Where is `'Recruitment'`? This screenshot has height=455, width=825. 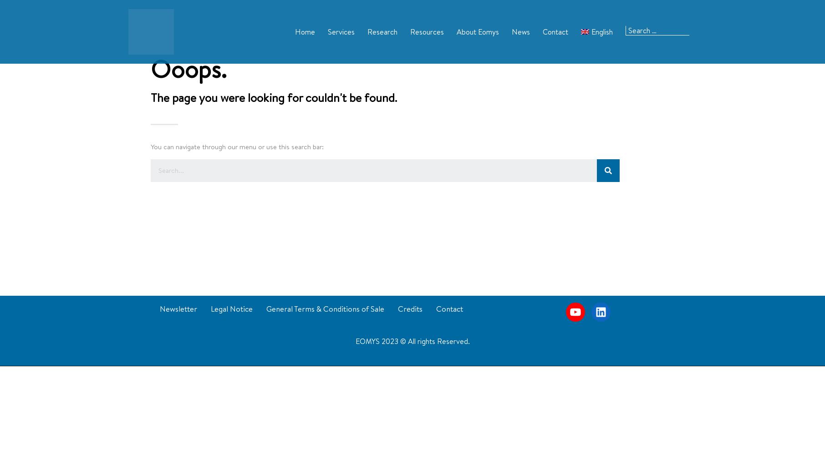
'Recruitment' is located at coordinates (464, 86).